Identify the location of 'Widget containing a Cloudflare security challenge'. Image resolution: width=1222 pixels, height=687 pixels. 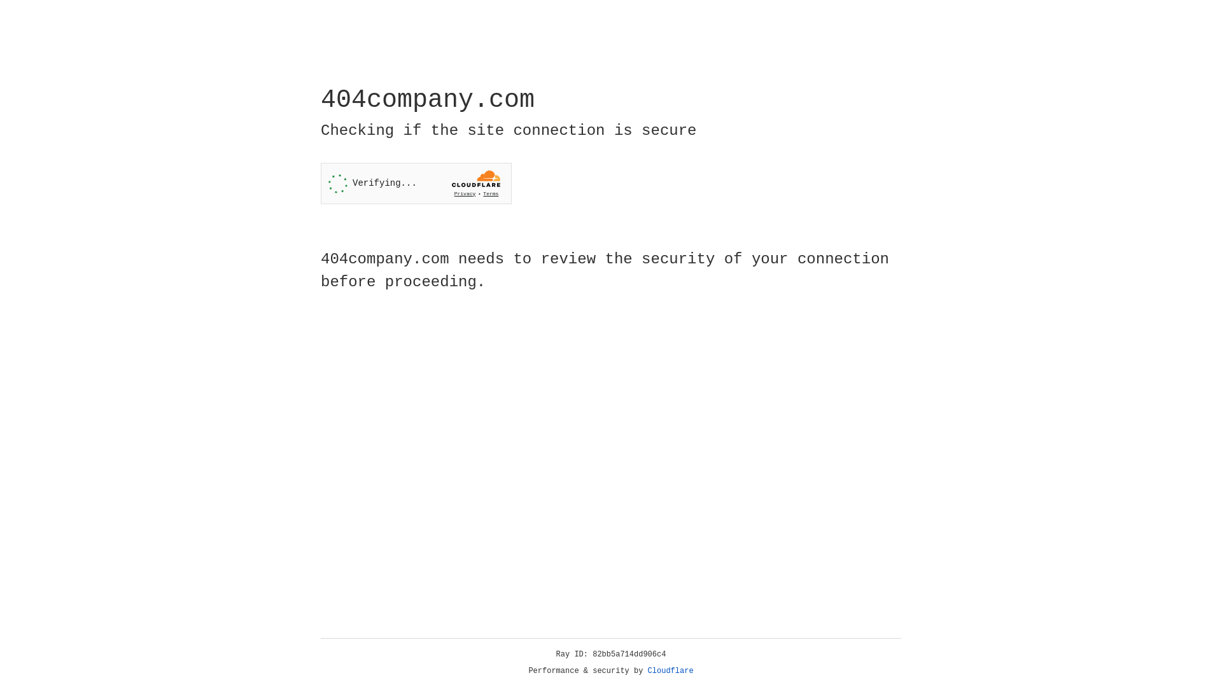
(416, 183).